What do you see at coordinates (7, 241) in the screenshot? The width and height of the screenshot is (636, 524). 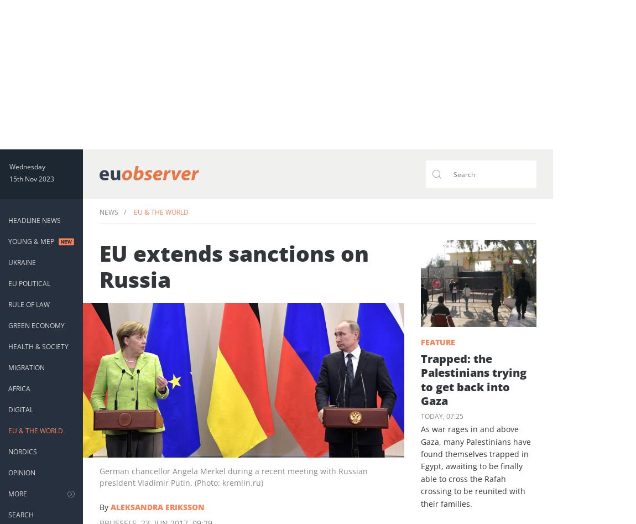 I see `'Young & MEP'` at bounding box center [7, 241].